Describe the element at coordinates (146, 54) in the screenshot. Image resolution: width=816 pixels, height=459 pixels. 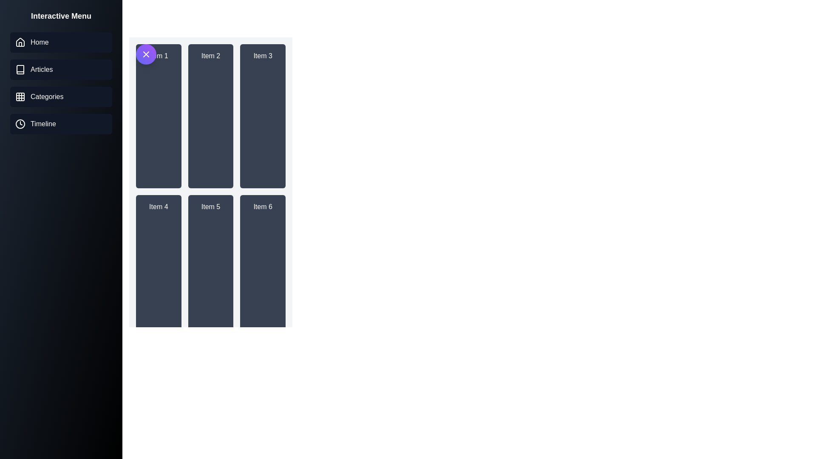
I see `button to toggle the drawer's visibility` at that location.